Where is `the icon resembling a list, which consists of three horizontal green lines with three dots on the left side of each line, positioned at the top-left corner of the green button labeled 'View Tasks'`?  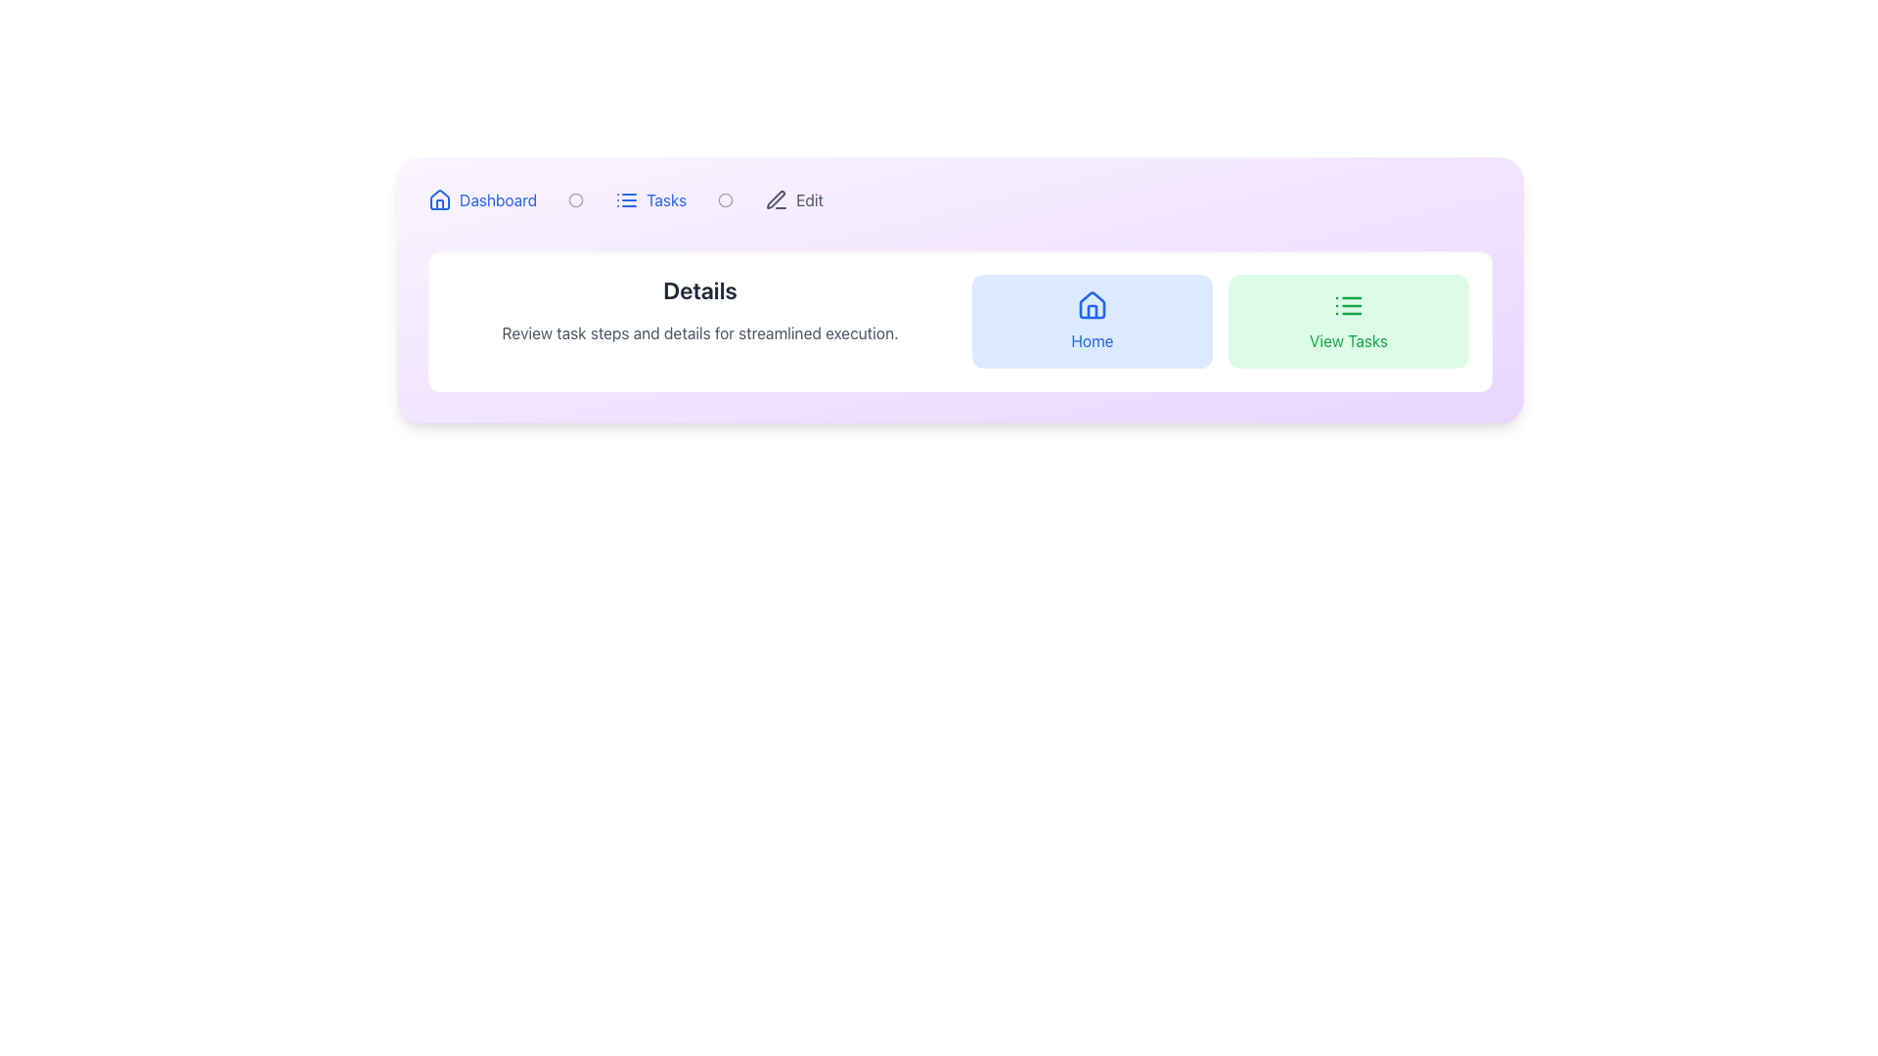 the icon resembling a list, which consists of three horizontal green lines with three dots on the left side of each line, positioned at the top-left corner of the green button labeled 'View Tasks' is located at coordinates (1347, 305).